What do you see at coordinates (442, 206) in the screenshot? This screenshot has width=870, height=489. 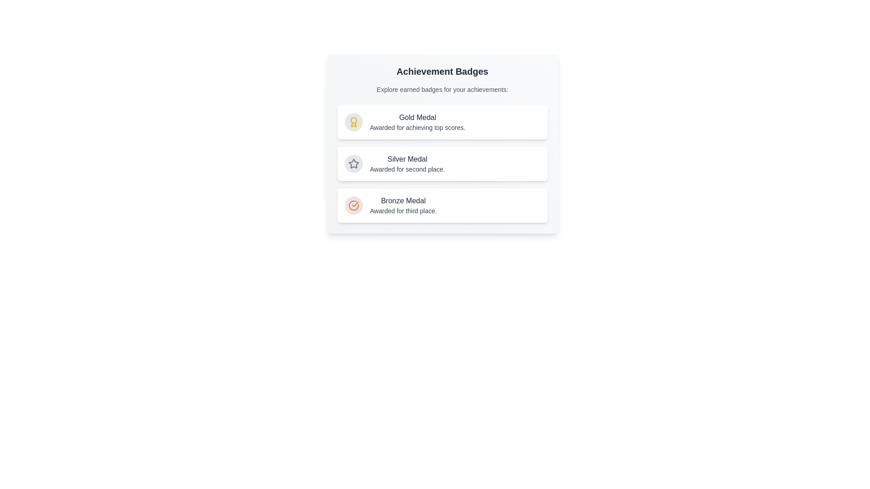 I see `the 'Bronze Medal' information card, which is the third item in a vertical list of achievement badges, to interact or navigate` at bounding box center [442, 206].